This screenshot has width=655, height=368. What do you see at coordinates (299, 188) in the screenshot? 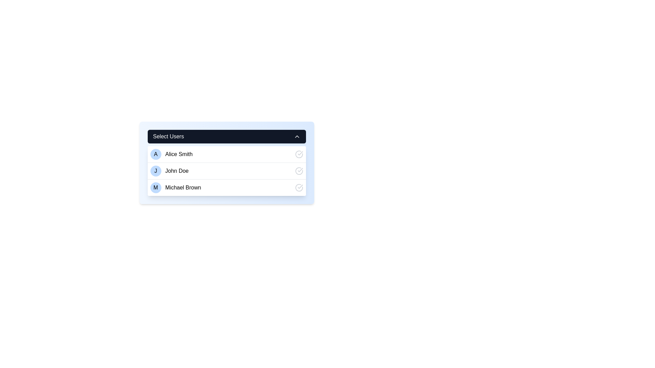
I see `the SVG Icon that serves as a status indicator for the 'Michael Brown' list item, located at the far right of the corresponding text` at bounding box center [299, 188].